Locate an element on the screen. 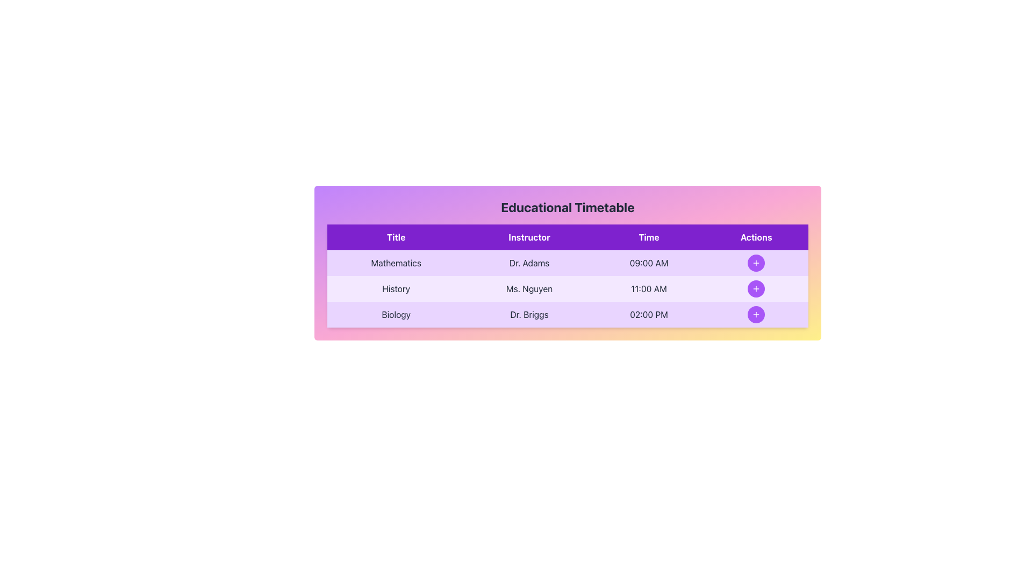 This screenshot has height=580, width=1032. the text label displaying 'Dr. Briggs' located in the third row of the table within the 'Instructor' column is located at coordinates (529, 314).